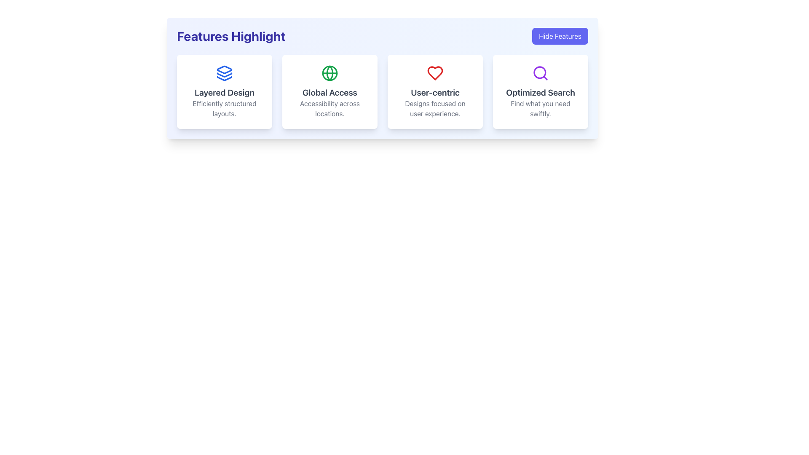  What do you see at coordinates (231, 35) in the screenshot?
I see `the prominently styled text element displaying 'Features Highlight' with a large, bold font size and indigo color, located at the top of the interface beside the 'Hide Features' button` at bounding box center [231, 35].